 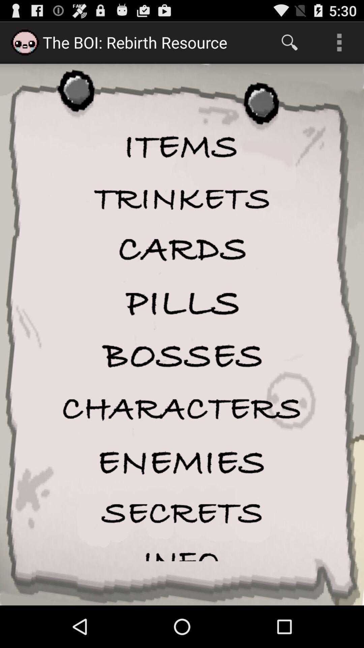 What do you see at coordinates (182, 249) in the screenshot?
I see `the option cards` at bounding box center [182, 249].